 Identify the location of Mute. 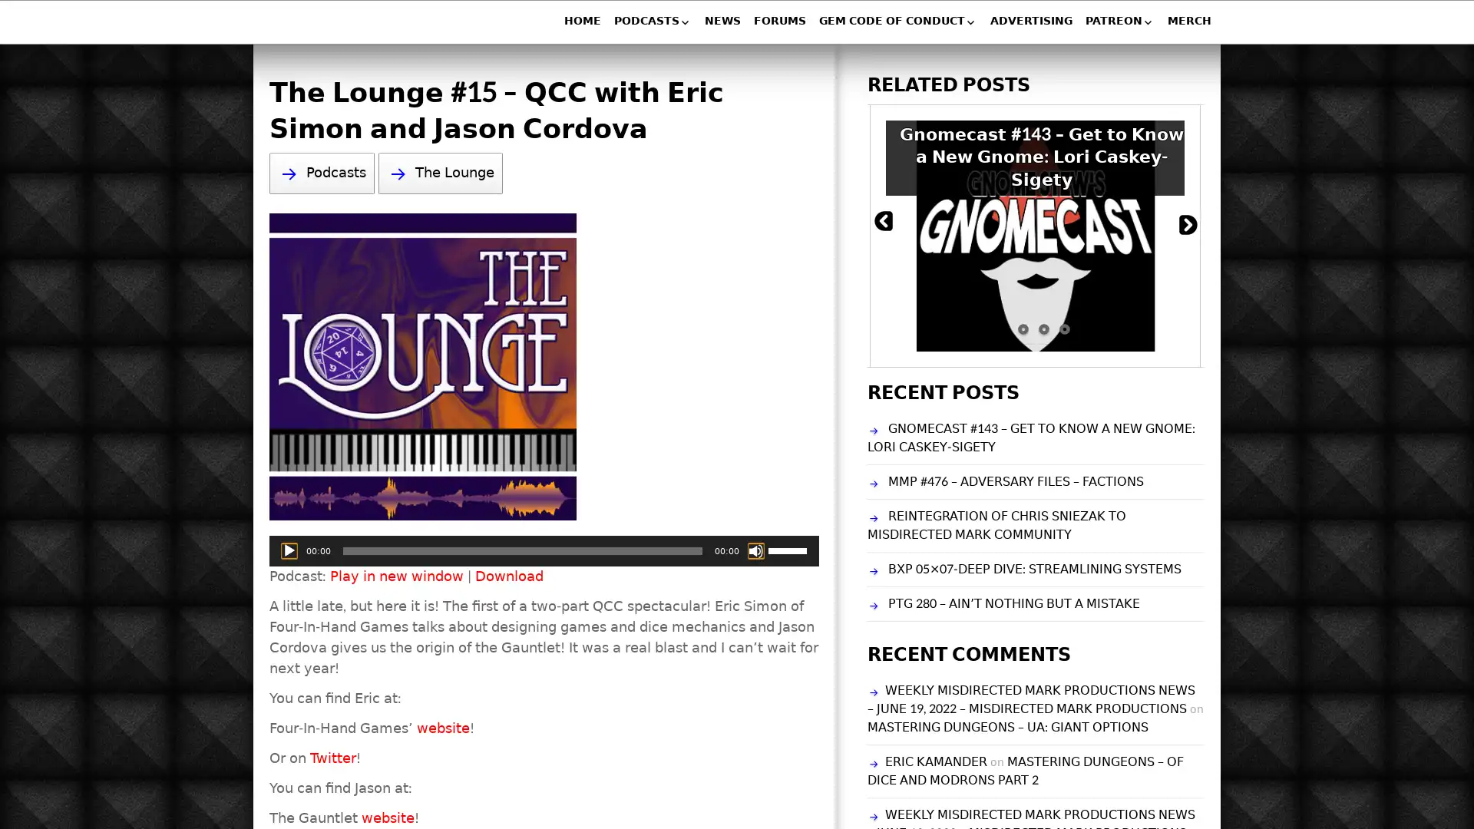
(755, 550).